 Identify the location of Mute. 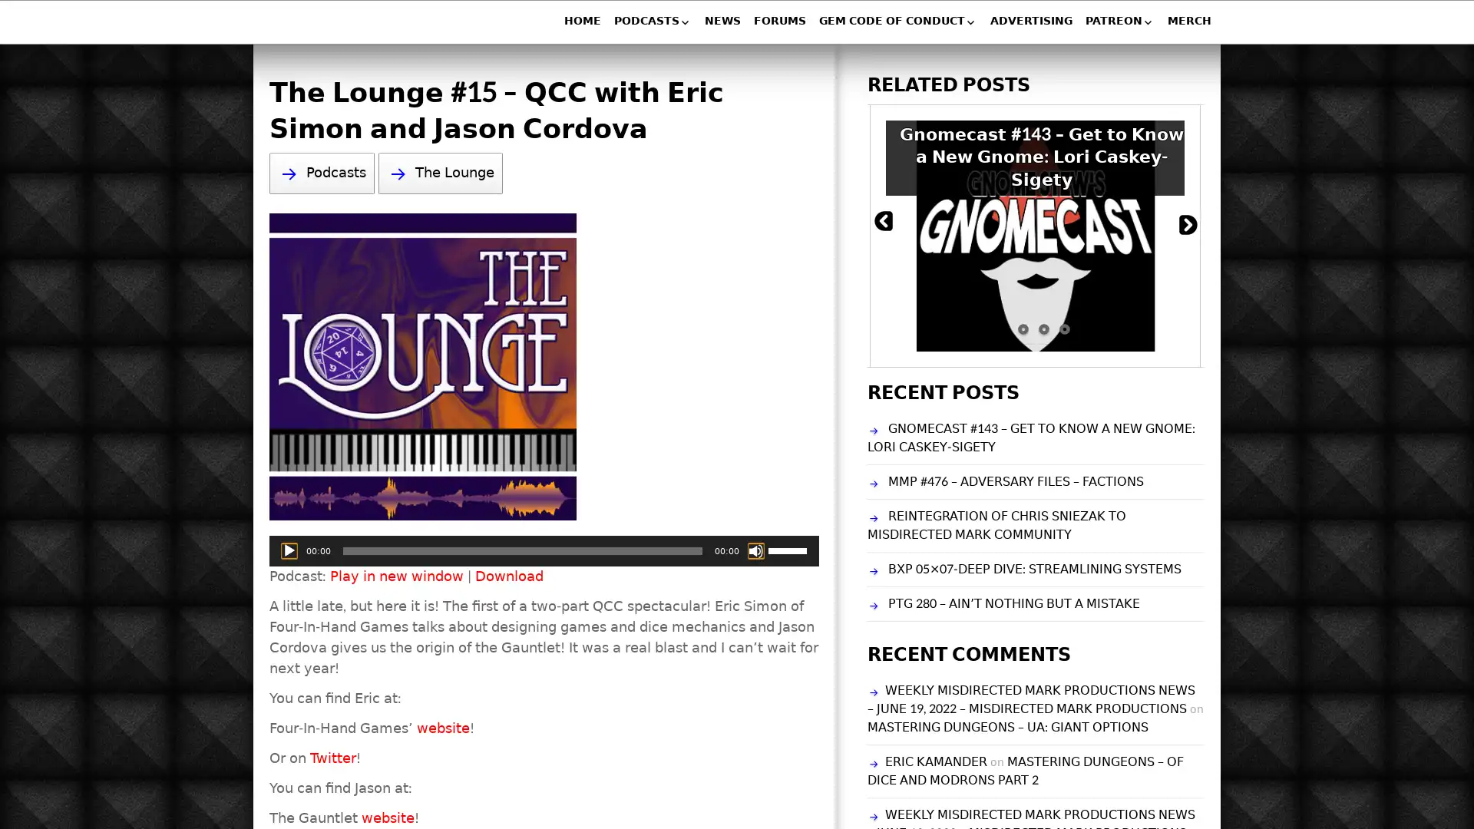
(755, 550).